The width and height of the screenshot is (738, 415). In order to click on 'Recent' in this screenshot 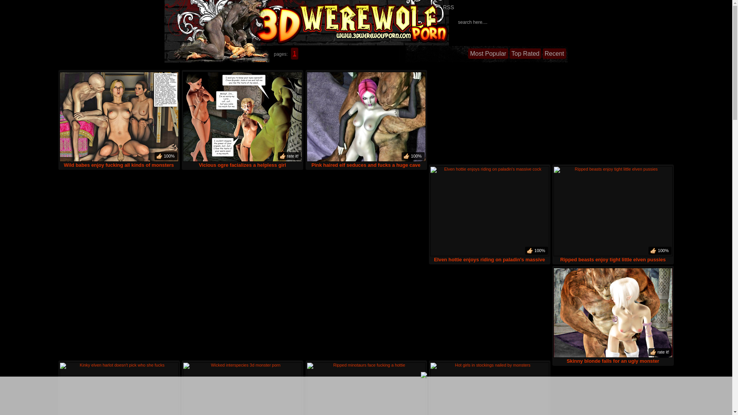, I will do `click(554, 53)`.